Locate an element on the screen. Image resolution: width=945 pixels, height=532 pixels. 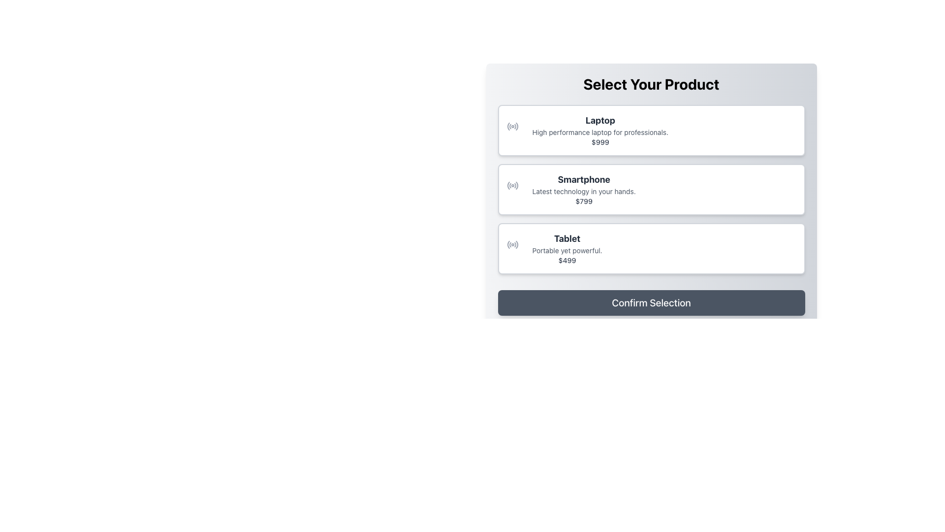
the text element that displays 'Latest technology in your hands.', which is styled in a small, gray font and positioned under the heading 'Smartphone' and above the price '$799' is located at coordinates (584, 192).